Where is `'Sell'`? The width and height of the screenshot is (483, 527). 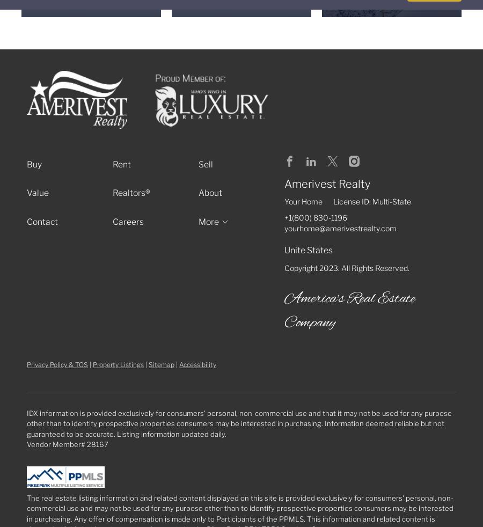
'Sell' is located at coordinates (198, 164).